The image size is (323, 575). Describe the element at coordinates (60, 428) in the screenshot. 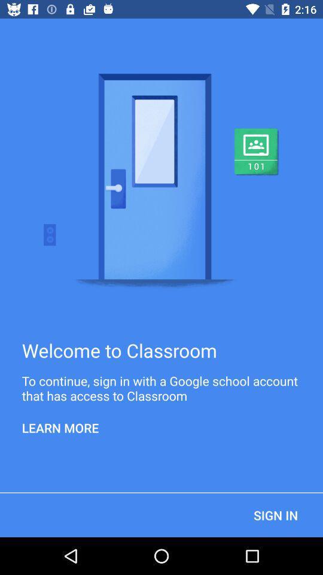

I see `the icon at the bottom left corner` at that location.